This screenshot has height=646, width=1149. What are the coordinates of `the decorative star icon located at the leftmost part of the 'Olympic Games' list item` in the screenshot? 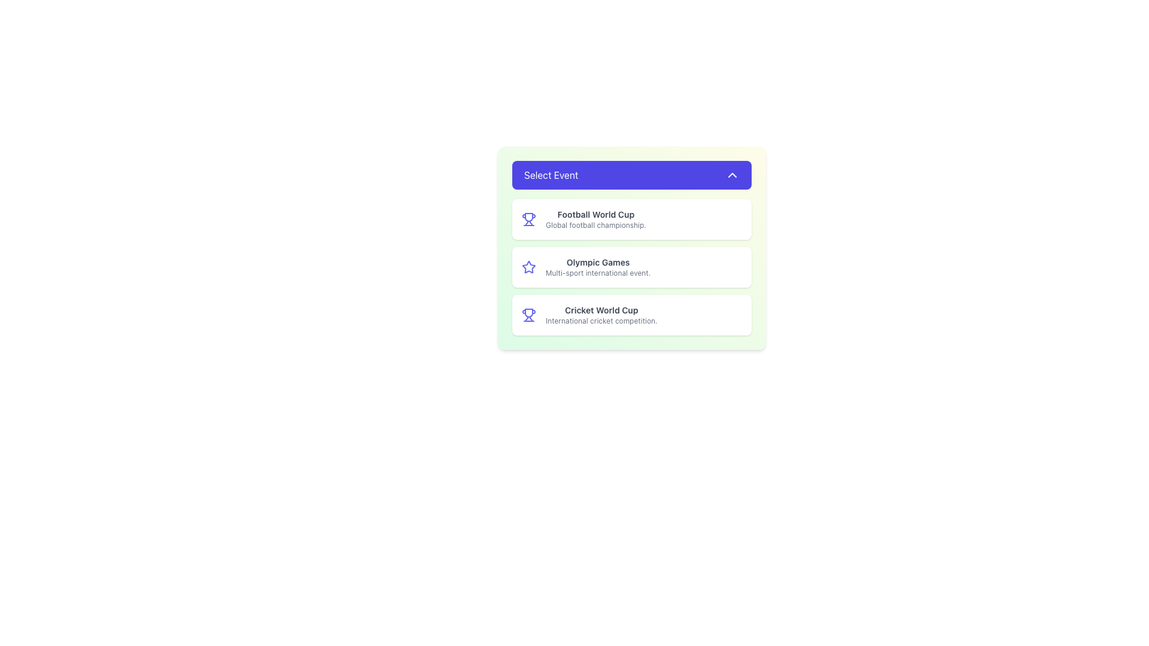 It's located at (528, 267).